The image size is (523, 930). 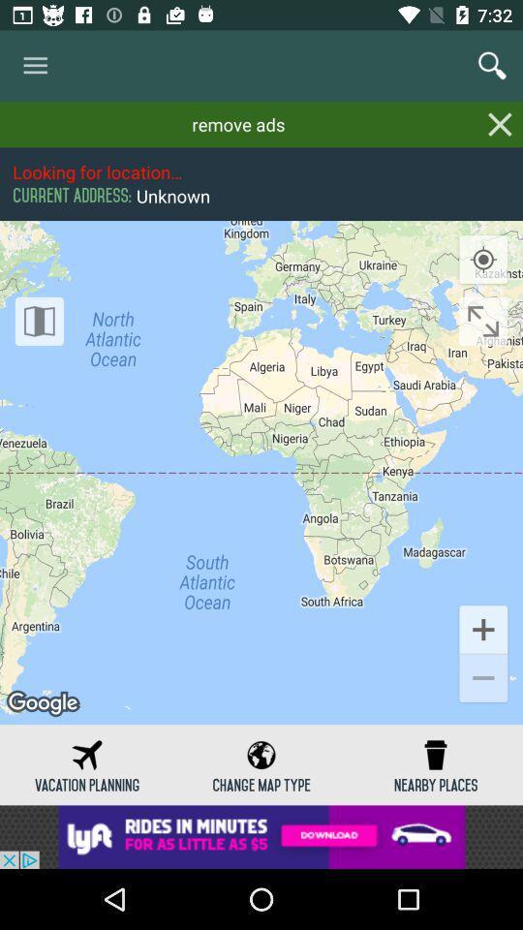 What do you see at coordinates (39, 321) in the screenshot?
I see `change map view` at bounding box center [39, 321].